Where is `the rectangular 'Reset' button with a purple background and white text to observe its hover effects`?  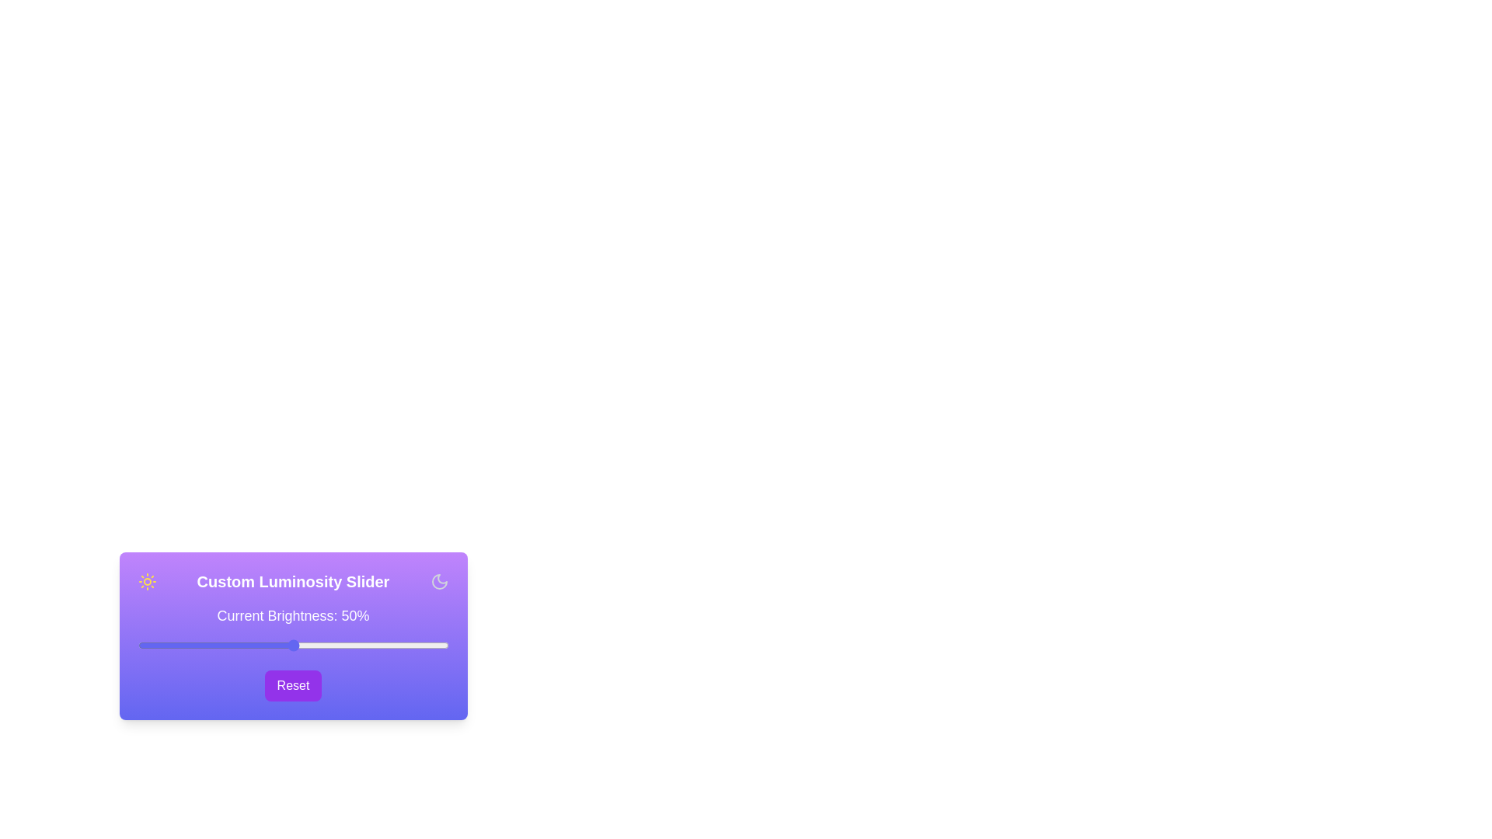 the rectangular 'Reset' button with a purple background and white text to observe its hover effects is located at coordinates (293, 685).